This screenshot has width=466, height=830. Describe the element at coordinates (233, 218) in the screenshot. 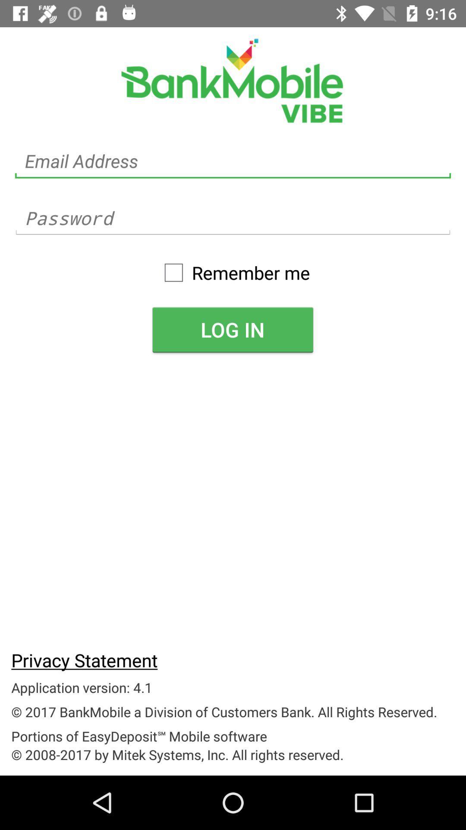

I see `where it says password you will put your password and click on login` at that location.